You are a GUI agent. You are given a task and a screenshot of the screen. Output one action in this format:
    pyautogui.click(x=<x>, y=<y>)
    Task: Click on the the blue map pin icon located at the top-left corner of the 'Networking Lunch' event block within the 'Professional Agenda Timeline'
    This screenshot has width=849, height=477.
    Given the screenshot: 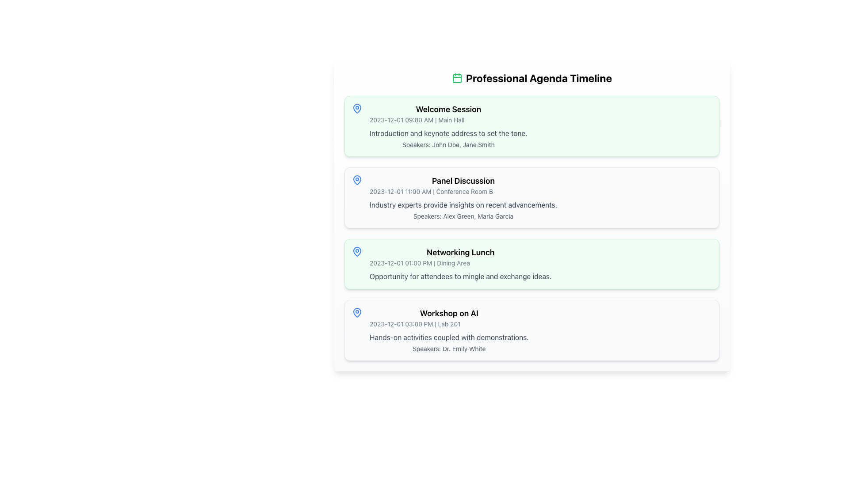 What is the action you would take?
    pyautogui.click(x=357, y=252)
    